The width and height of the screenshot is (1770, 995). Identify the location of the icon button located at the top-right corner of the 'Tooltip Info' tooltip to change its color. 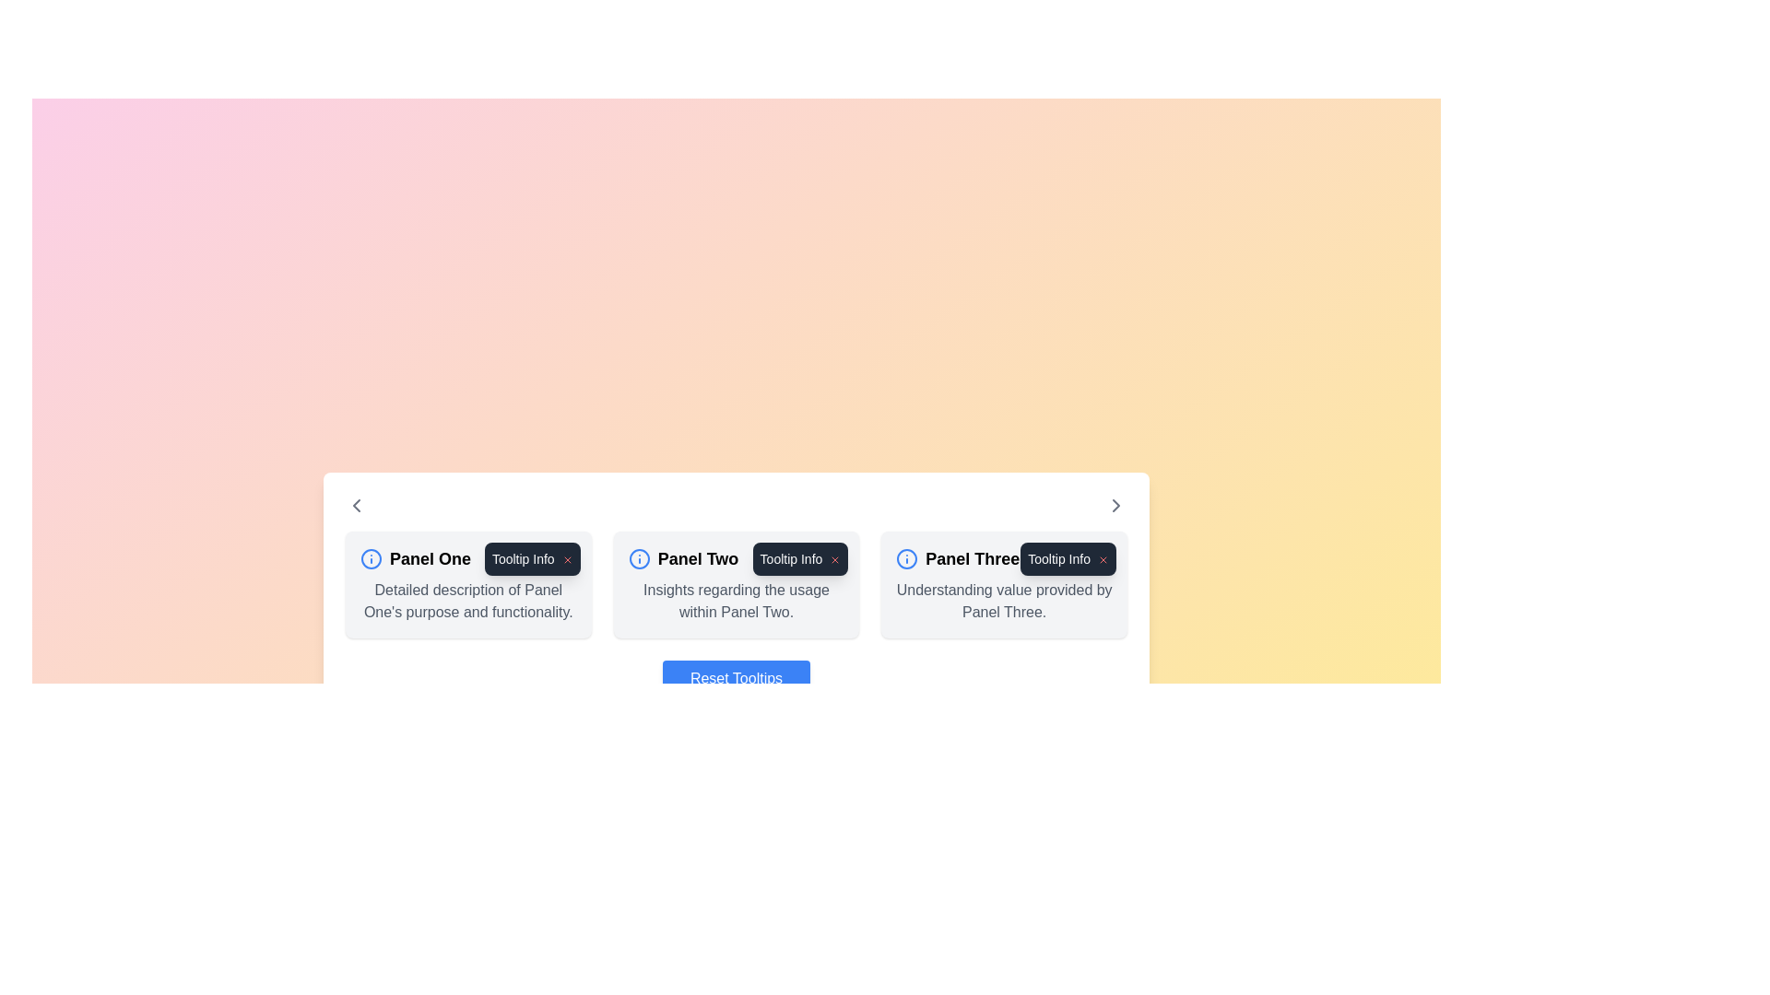
(566, 557).